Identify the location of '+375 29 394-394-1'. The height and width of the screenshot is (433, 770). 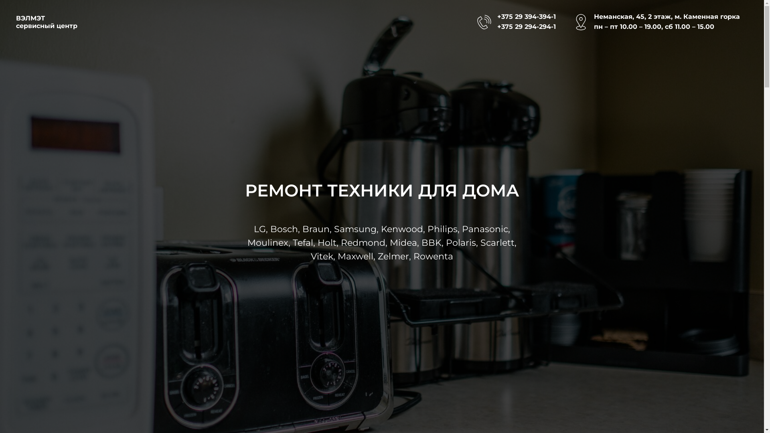
(527, 16).